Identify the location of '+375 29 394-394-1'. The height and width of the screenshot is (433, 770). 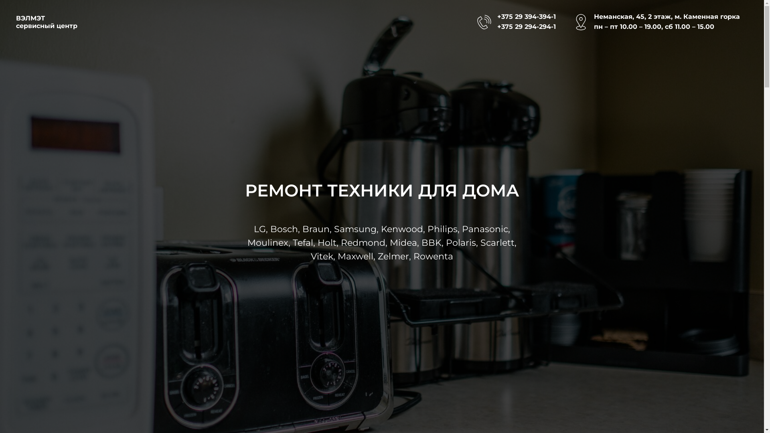
(527, 16).